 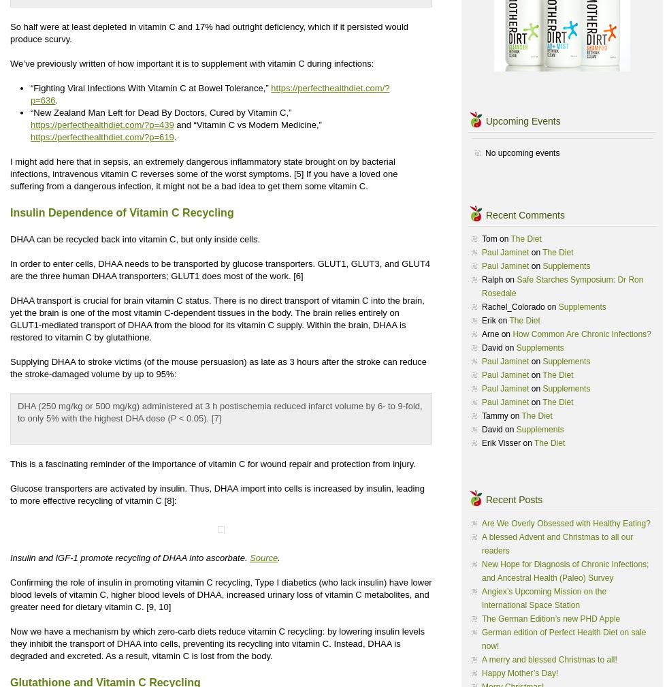 What do you see at coordinates (523, 120) in the screenshot?
I see `'Upcoming Events'` at bounding box center [523, 120].